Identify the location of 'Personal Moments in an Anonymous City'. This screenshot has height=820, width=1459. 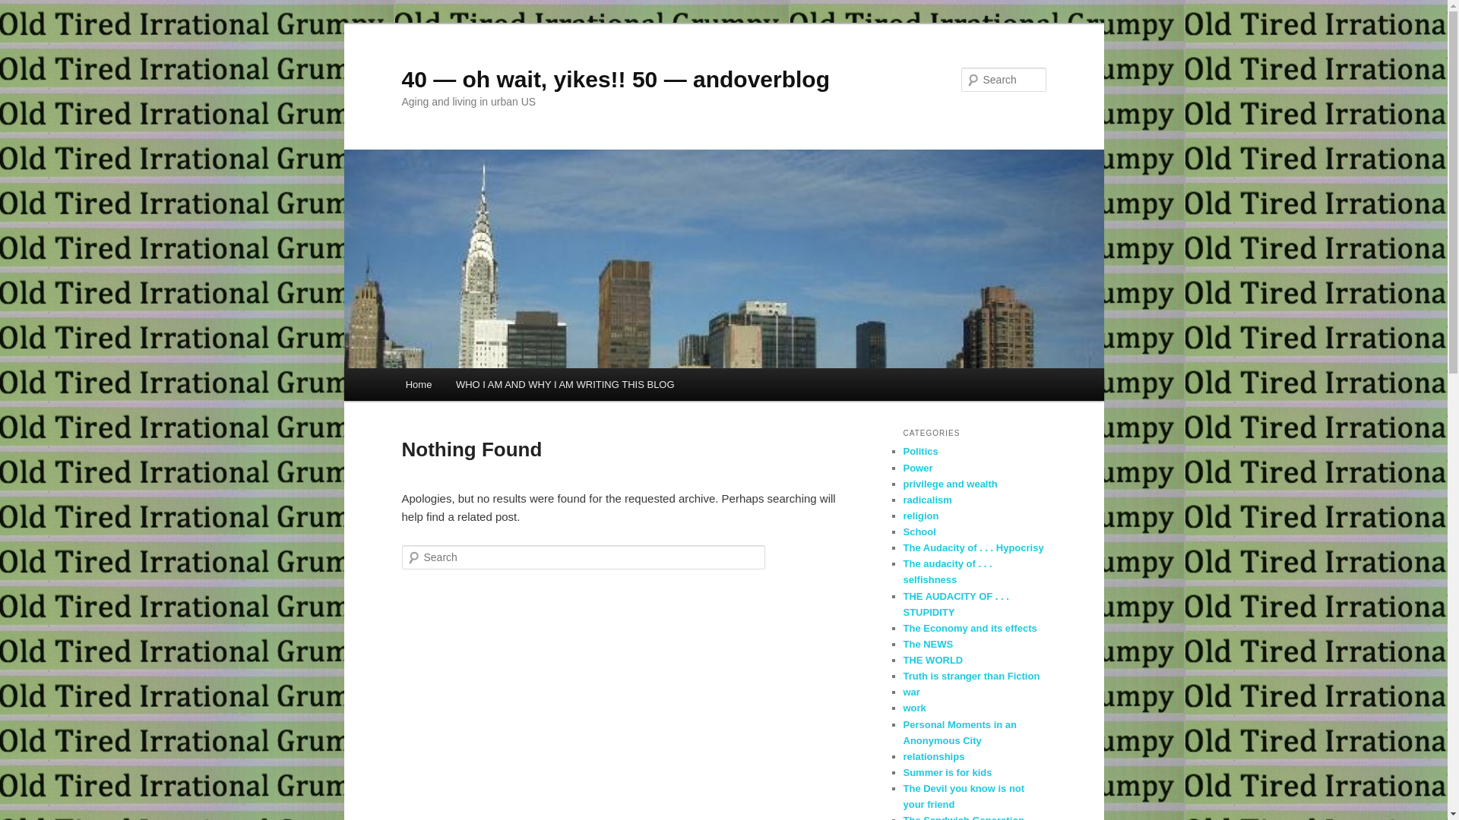
(958, 731).